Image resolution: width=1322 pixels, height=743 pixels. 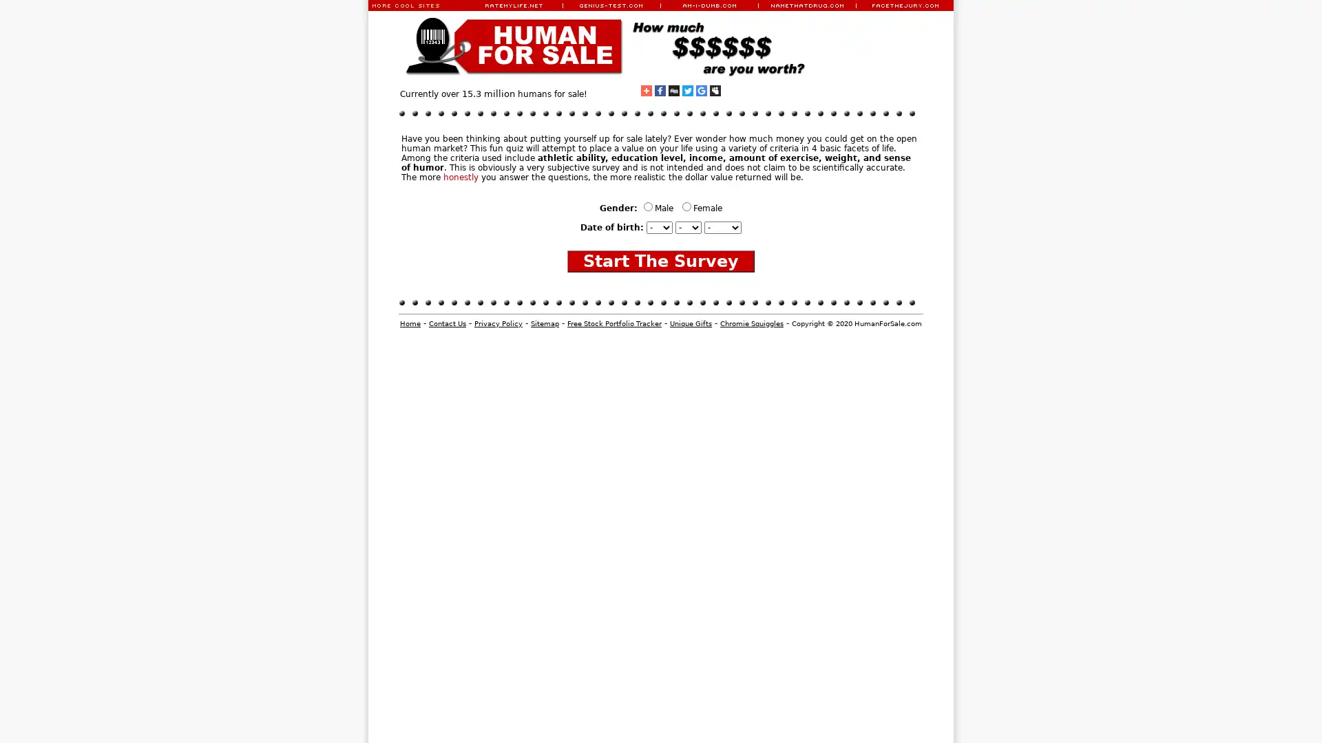 What do you see at coordinates (661, 261) in the screenshot?
I see `Start The Survey` at bounding box center [661, 261].